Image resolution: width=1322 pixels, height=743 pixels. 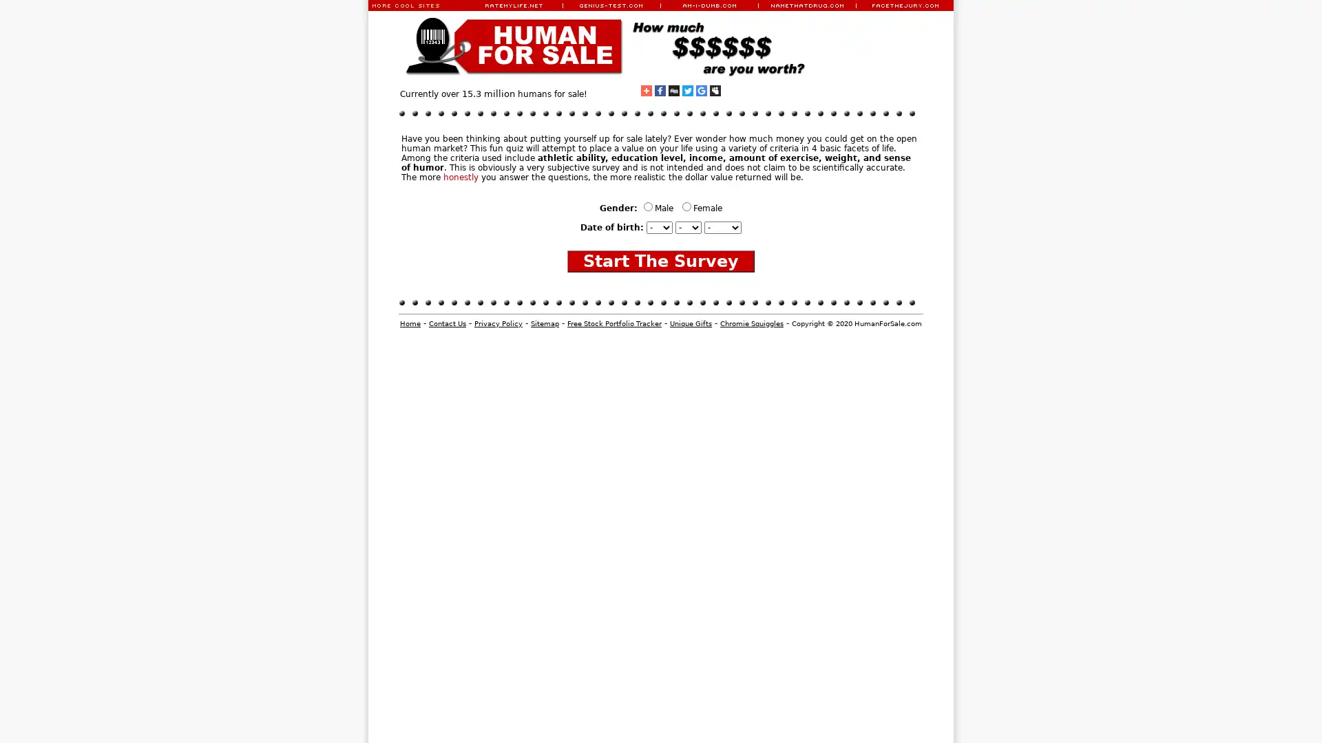 What do you see at coordinates (661, 261) in the screenshot?
I see `Start The Survey` at bounding box center [661, 261].